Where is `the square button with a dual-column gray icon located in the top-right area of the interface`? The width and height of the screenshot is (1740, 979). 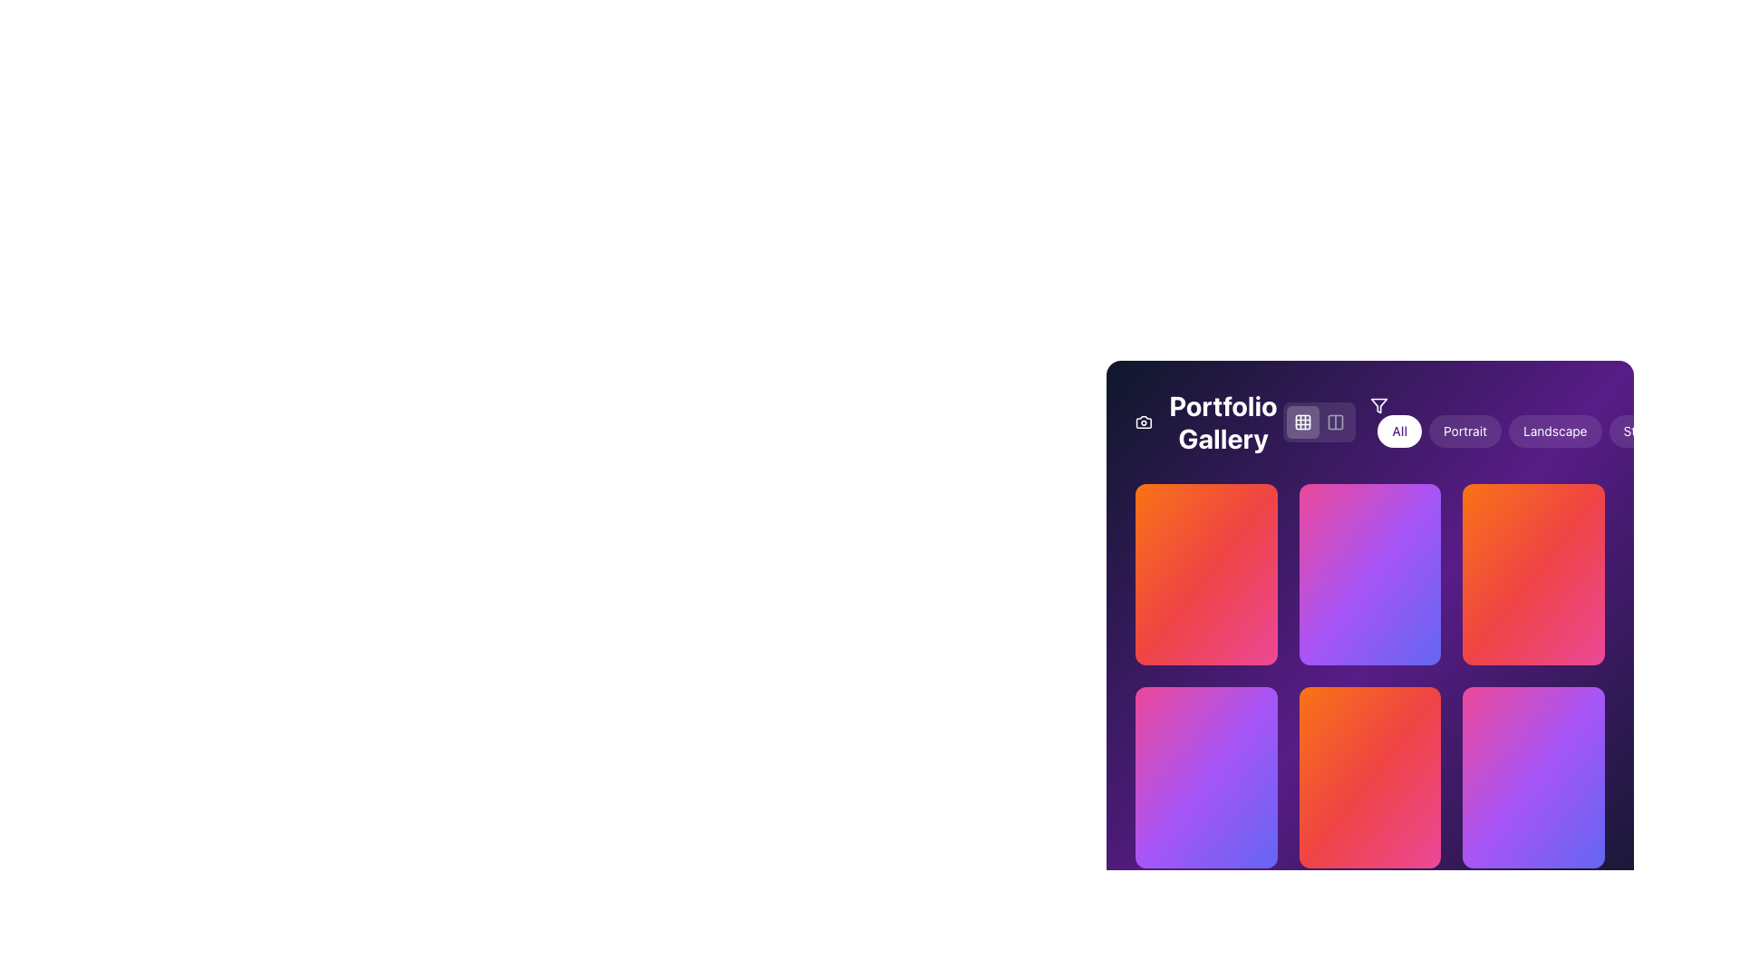
the square button with a dual-column gray icon located in the top-right area of the interface is located at coordinates (1336, 422).